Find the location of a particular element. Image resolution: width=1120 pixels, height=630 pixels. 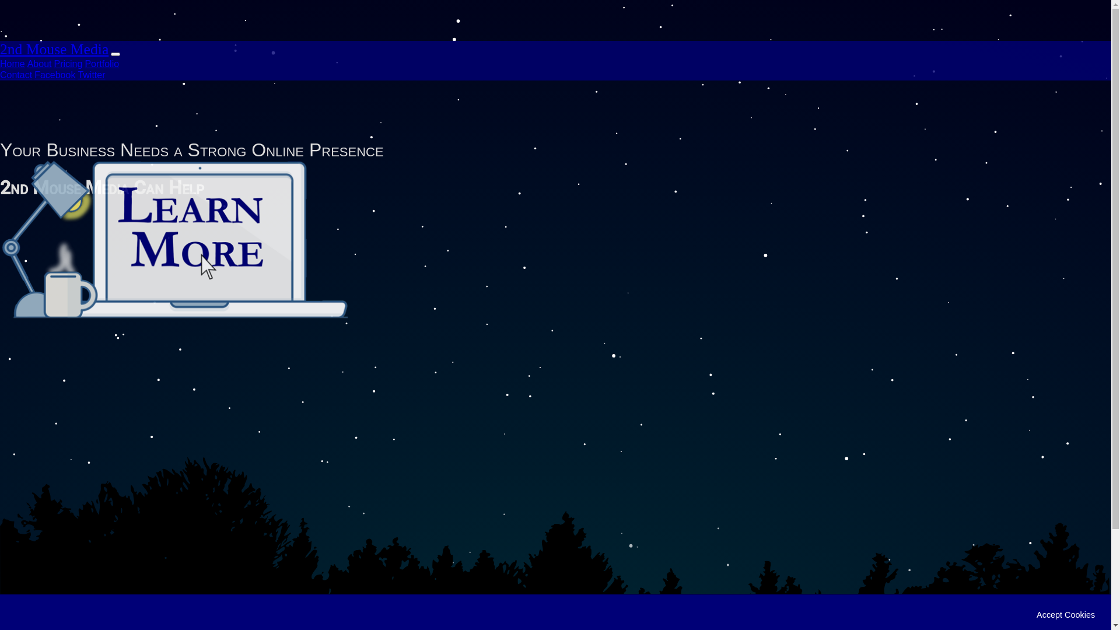

'Twitter' is located at coordinates (90, 75).